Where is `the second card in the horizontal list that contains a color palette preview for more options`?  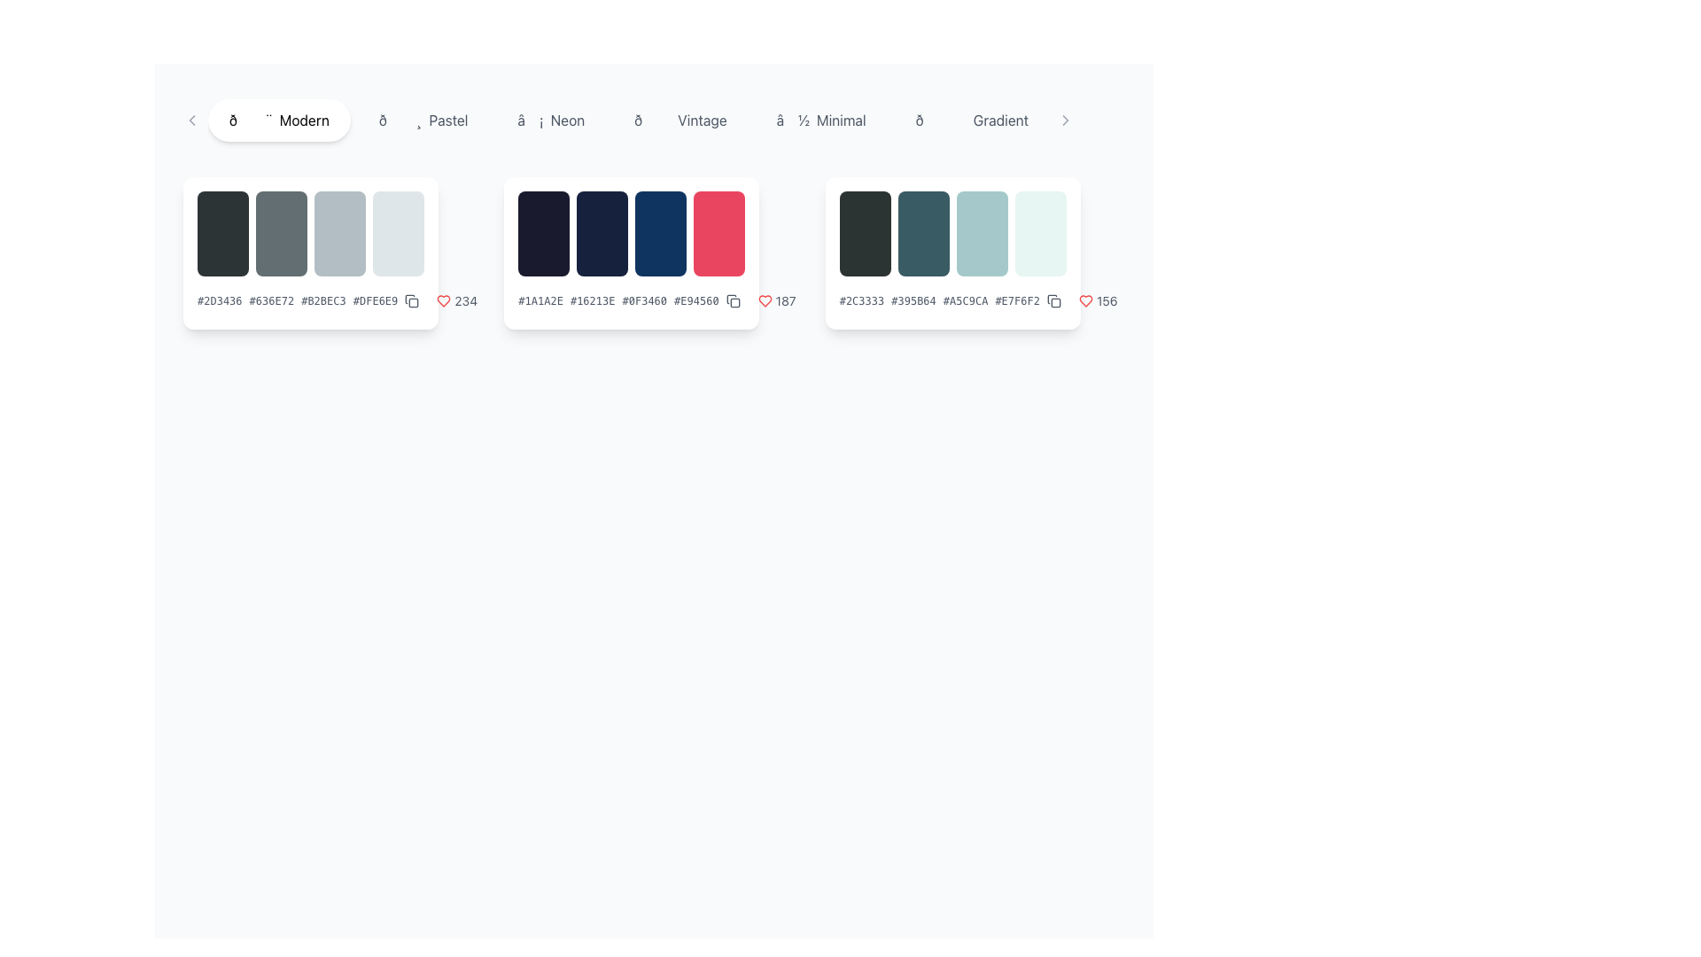 the second card in the horizontal list that contains a color palette preview for more options is located at coordinates (632, 253).